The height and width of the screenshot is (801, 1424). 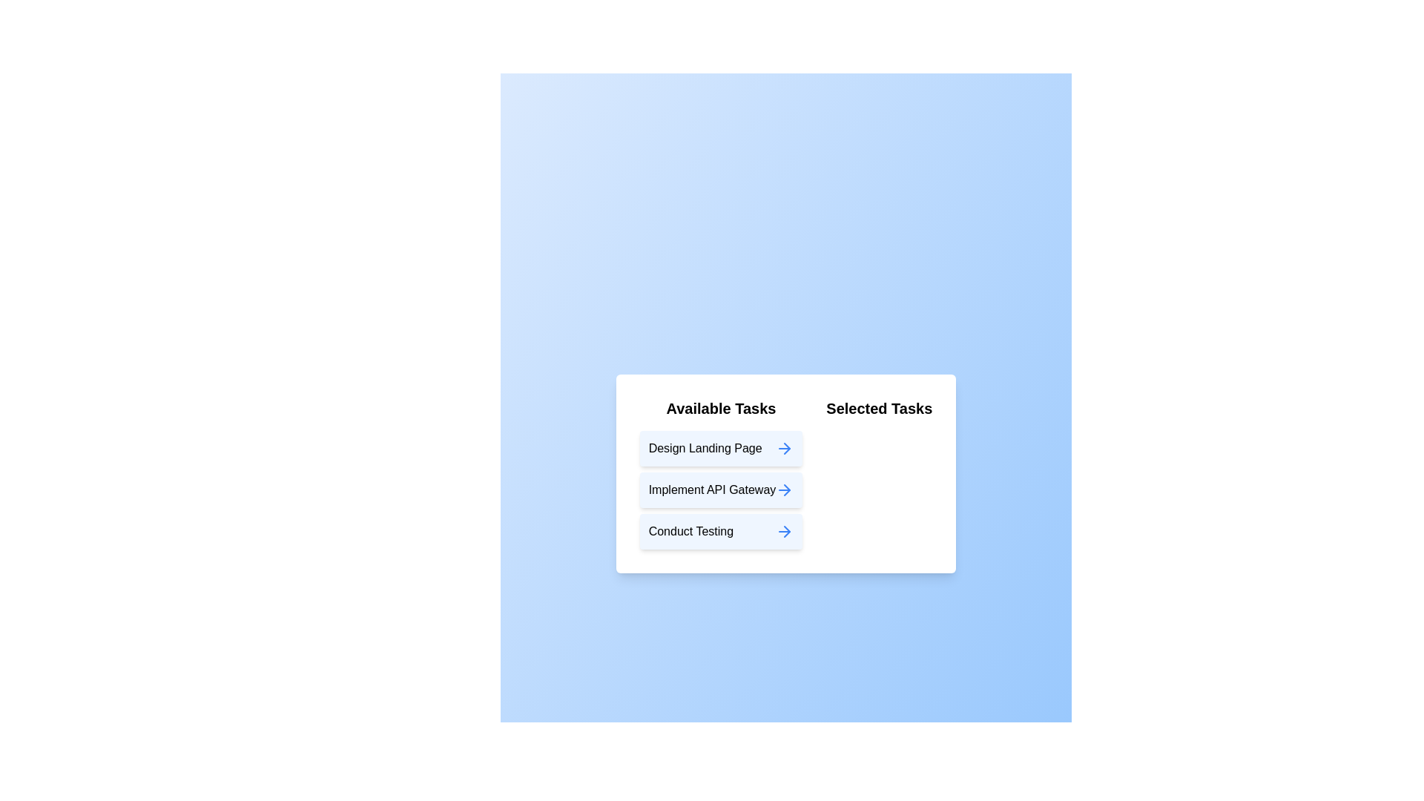 What do you see at coordinates (721, 448) in the screenshot?
I see `the task item labeled 'Design Landing Page' in the 'Available Tasks' list to move it to the 'Selected Tasks' list` at bounding box center [721, 448].